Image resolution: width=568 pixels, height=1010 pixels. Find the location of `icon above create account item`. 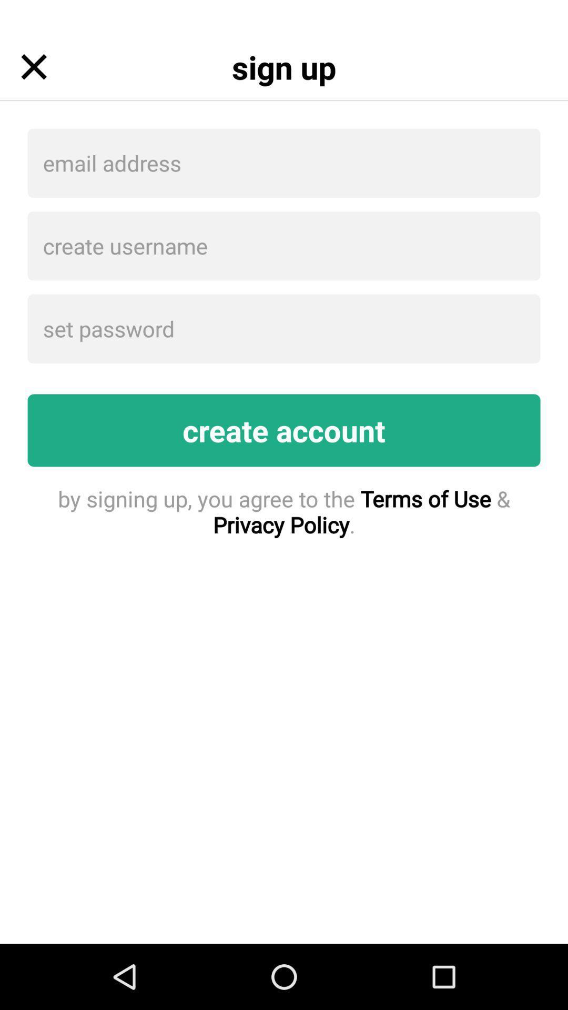

icon above create account item is located at coordinates (284, 328).